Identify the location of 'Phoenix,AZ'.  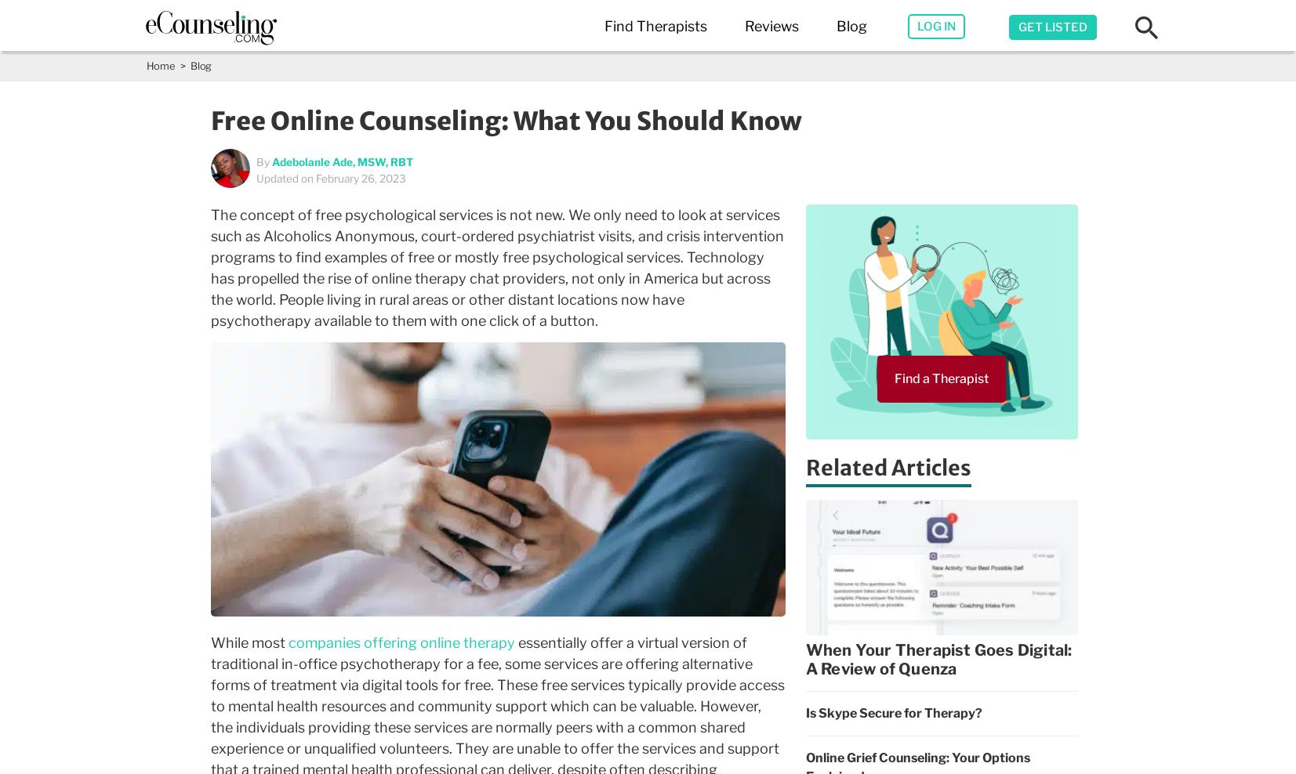
(457, 552).